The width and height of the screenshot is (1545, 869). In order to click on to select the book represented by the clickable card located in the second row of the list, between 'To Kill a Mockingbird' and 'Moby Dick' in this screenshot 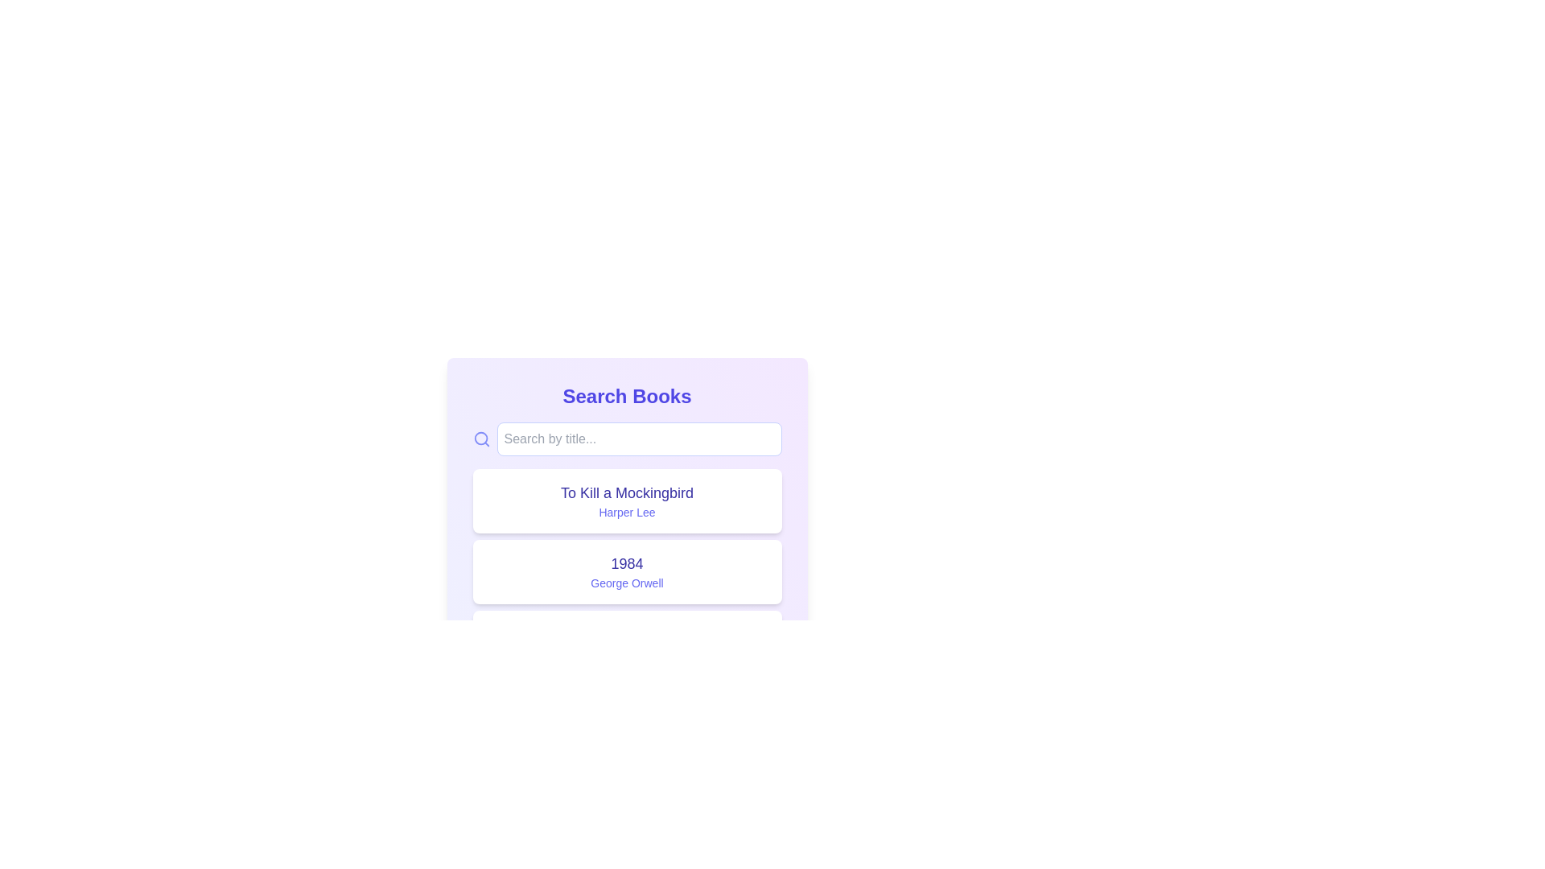, I will do `click(626, 570)`.